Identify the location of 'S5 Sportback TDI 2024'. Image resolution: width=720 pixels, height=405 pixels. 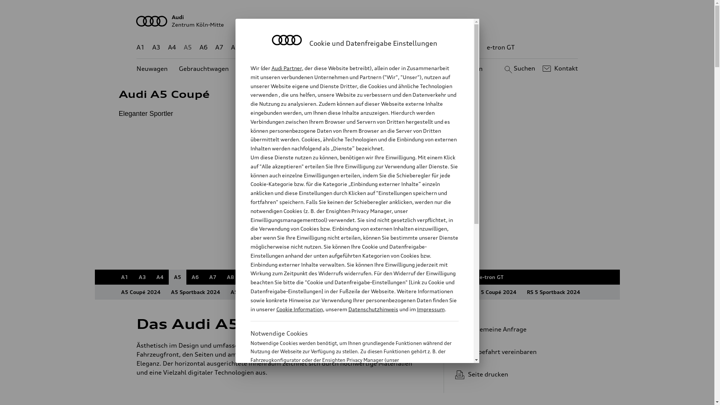
(342, 292).